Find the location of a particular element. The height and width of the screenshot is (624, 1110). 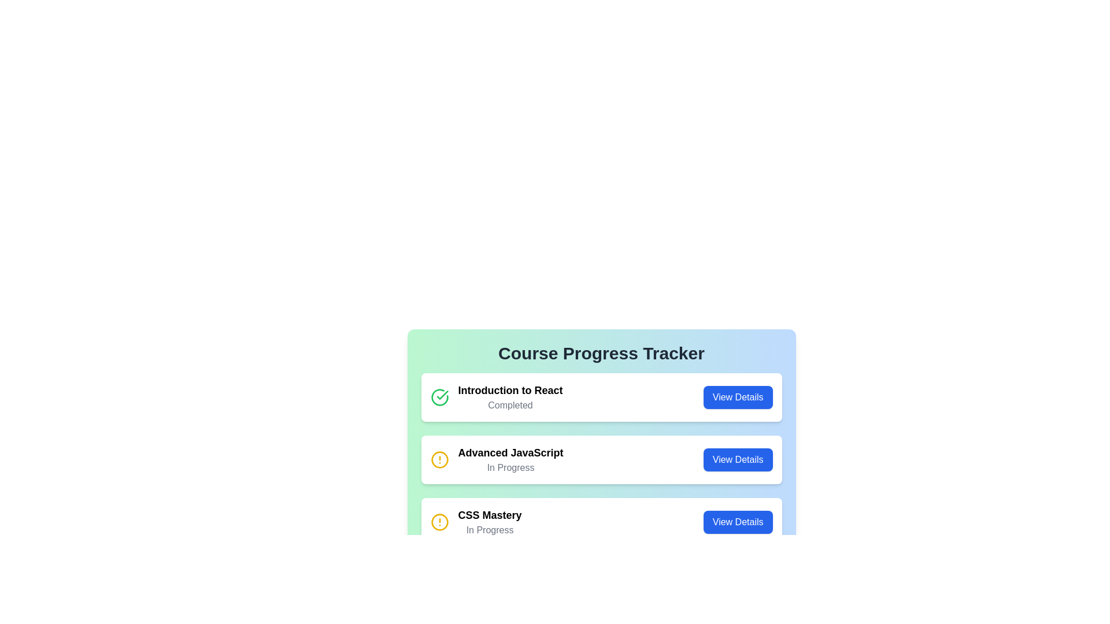

the 'Advanced JavaScript' course progress indicator, which displays the title and current progress status, located as the second item in the vertical list of course progress cards is located at coordinates (497, 459).